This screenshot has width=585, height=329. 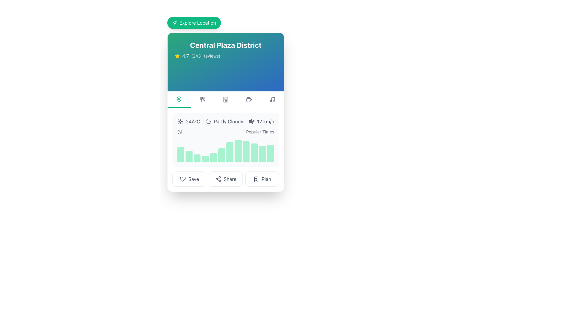 What do you see at coordinates (262, 154) in the screenshot?
I see `the eleventh vertical bar in the chart, which has rounded top corners and is solid emerald green, positioned toward the right side of the chart, below the weather and time data section` at bounding box center [262, 154].